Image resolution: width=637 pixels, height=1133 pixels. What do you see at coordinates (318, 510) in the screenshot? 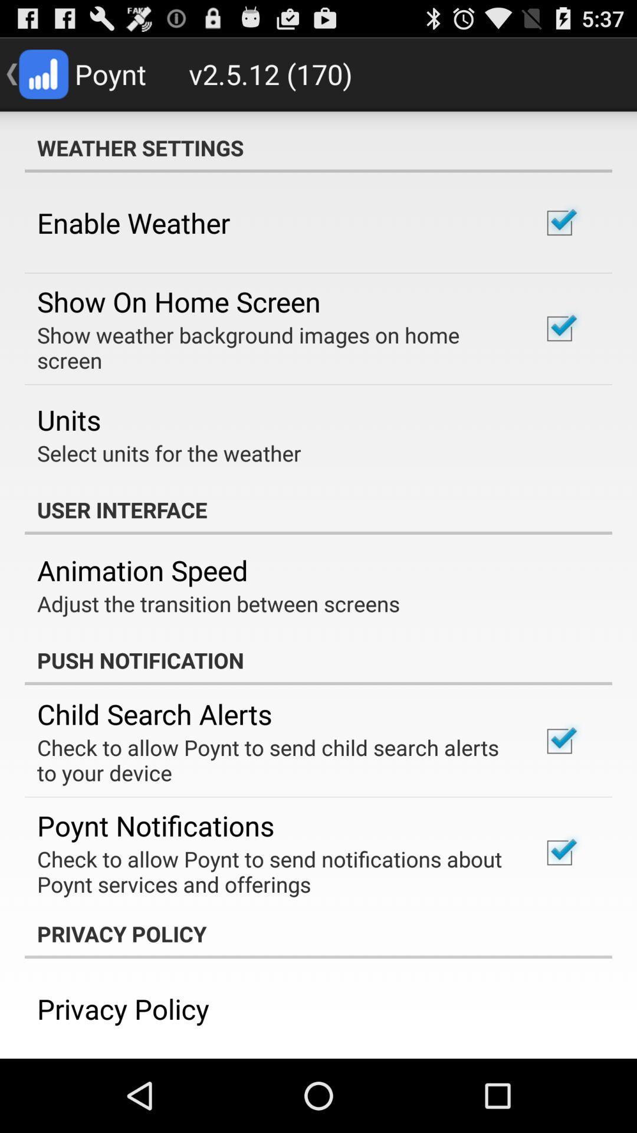
I see `the item below select units for item` at bounding box center [318, 510].